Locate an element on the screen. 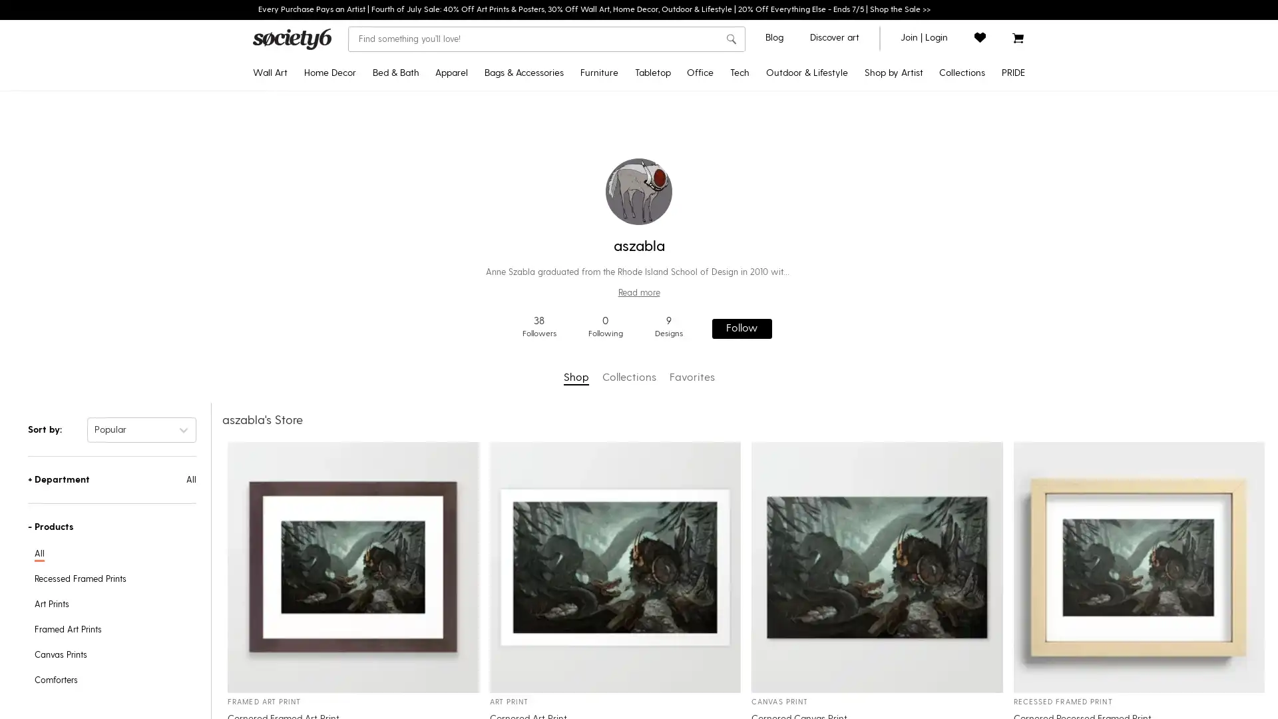 The height and width of the screenshot is (719, 1278). Portraiture is located at coordinates (913, 278).